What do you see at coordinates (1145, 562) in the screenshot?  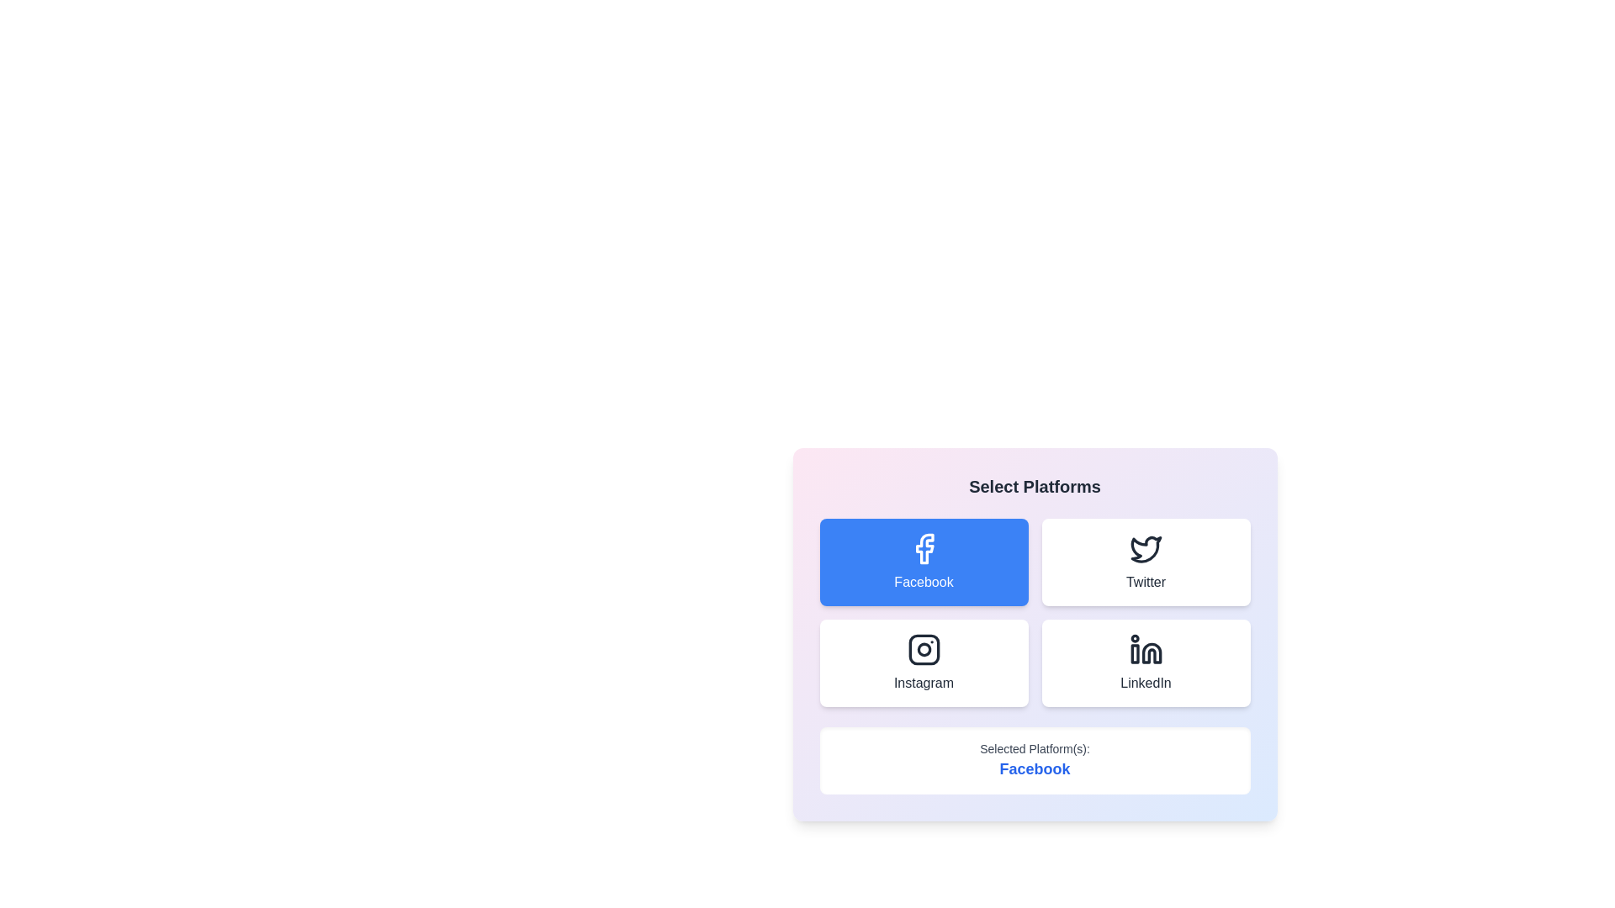 I see `the button corresponding to Twitter` at bounding box center [1145, 562].